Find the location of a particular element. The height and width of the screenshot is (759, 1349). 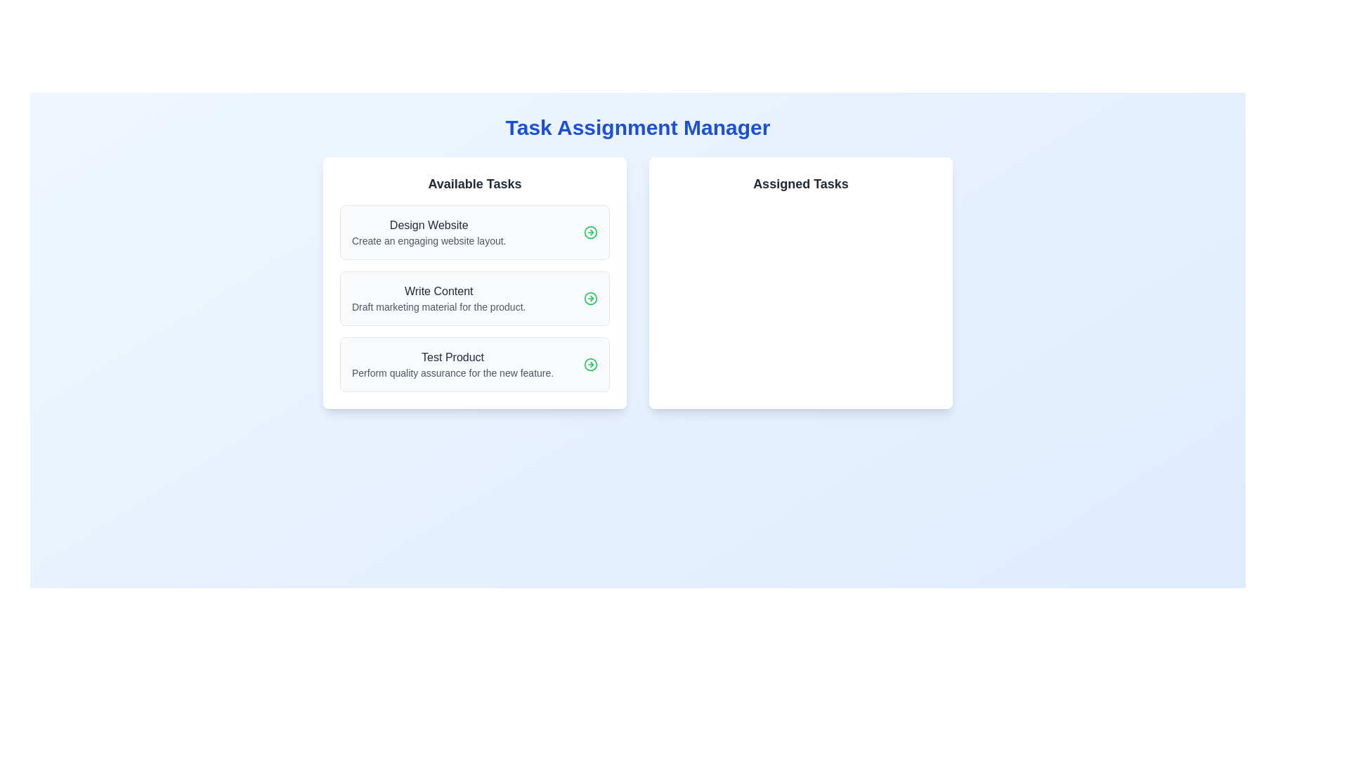

the interactive button with a right-pointing arrow icon enclosed in a green circle located in the top-right corner of the 'Design Website' task card in the left panel under 'Available Tasks' for visual feedback is located at coordinates (590, 232).